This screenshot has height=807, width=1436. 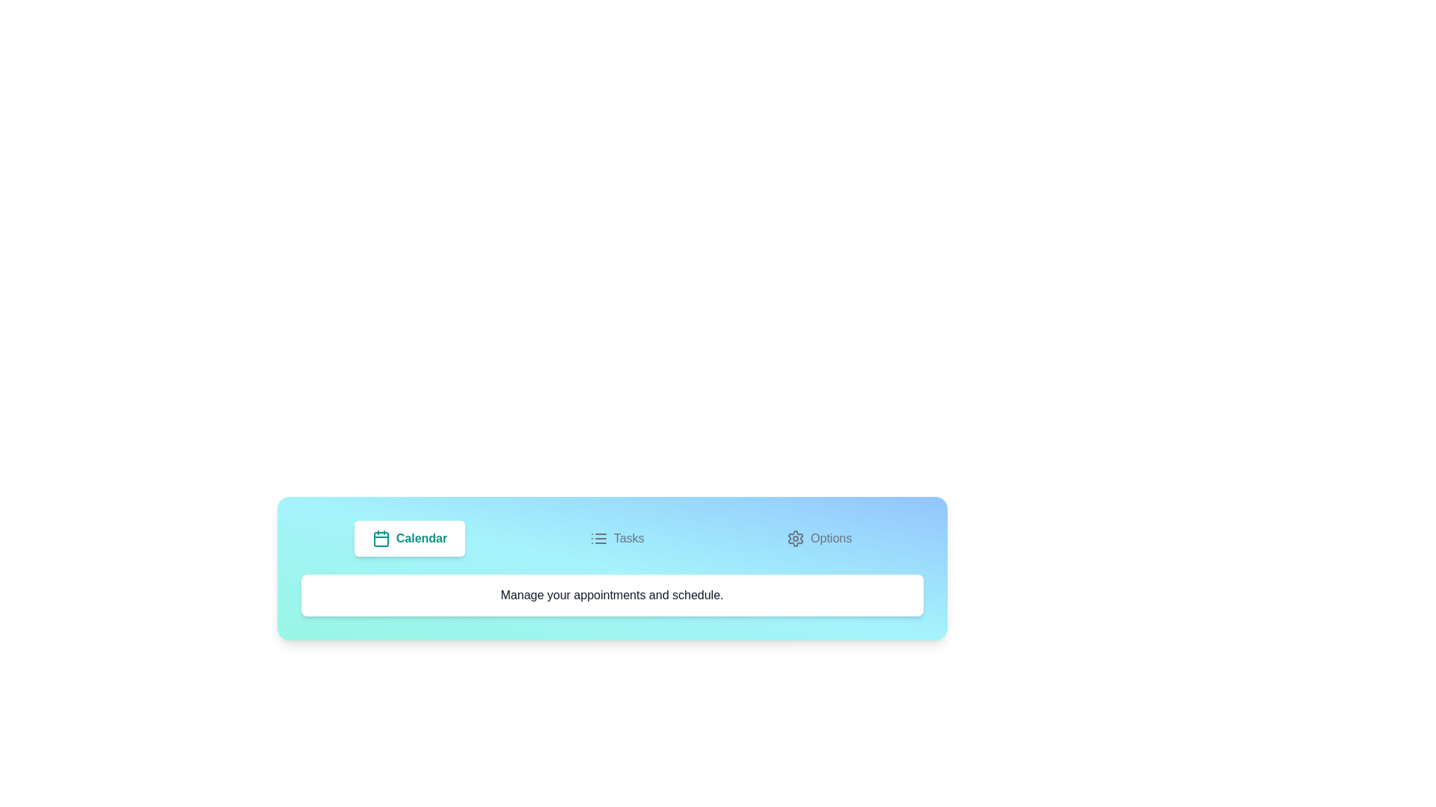 I want to click on the tab button labeled Calendar to switch to the corresponding tab, so click(x=409, y=539).